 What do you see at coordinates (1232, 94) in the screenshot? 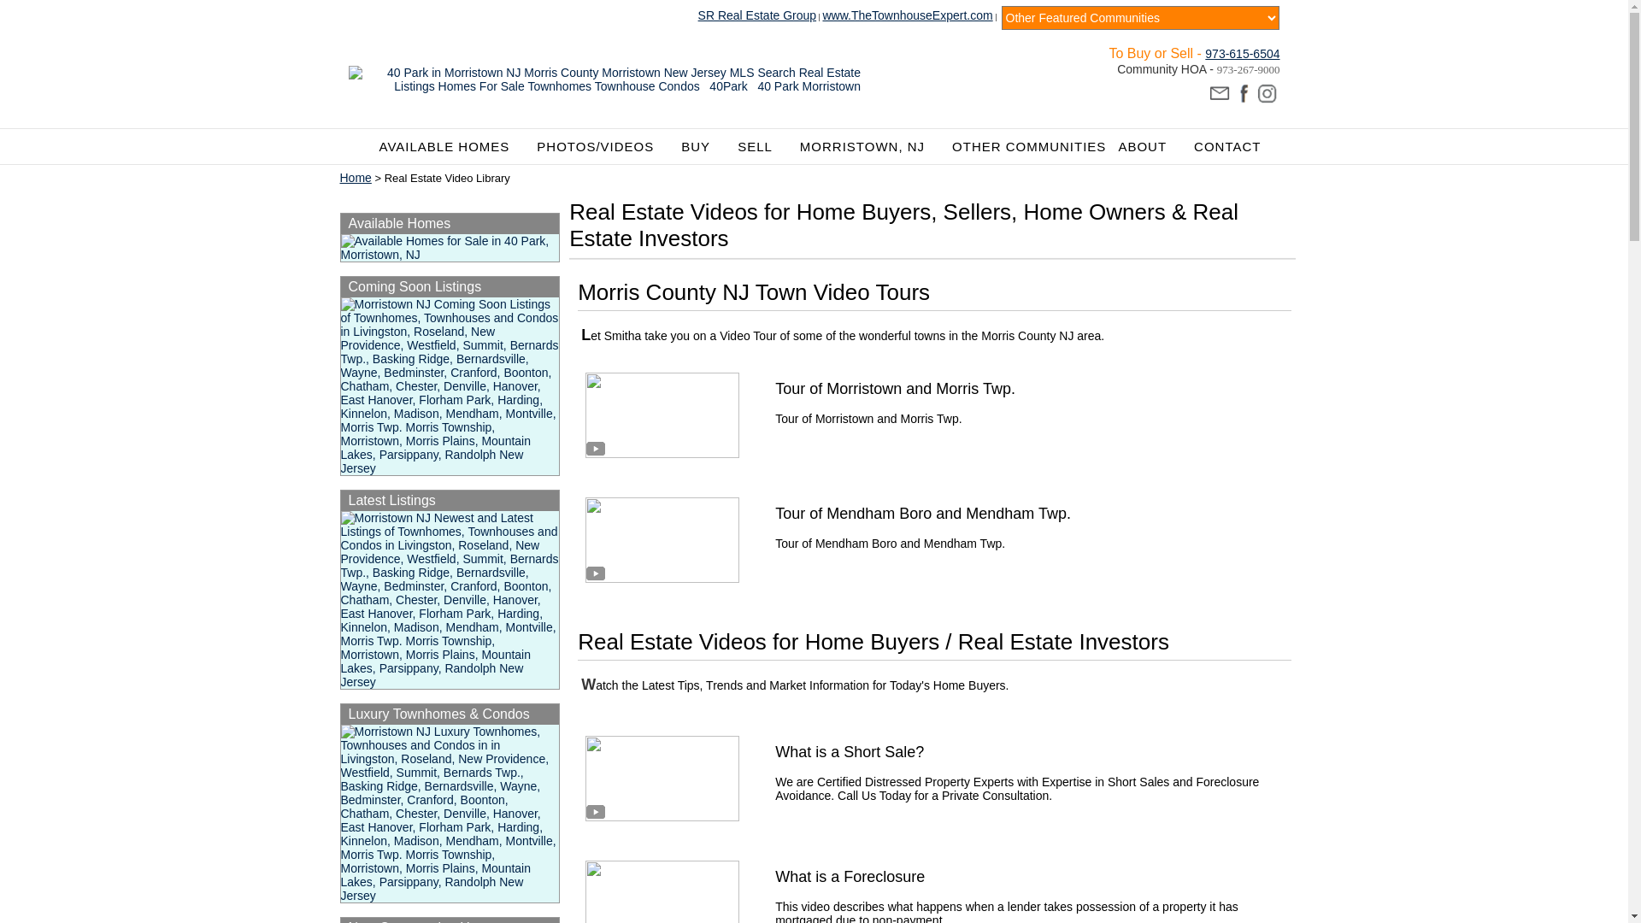
I see `'Visit us on Facebook'` at bounding box center [1232, 94].